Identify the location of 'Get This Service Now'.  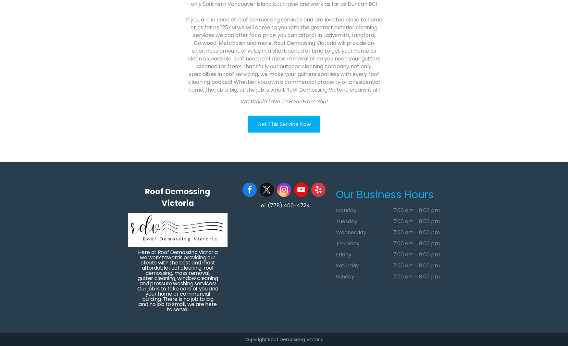
(284, 123).